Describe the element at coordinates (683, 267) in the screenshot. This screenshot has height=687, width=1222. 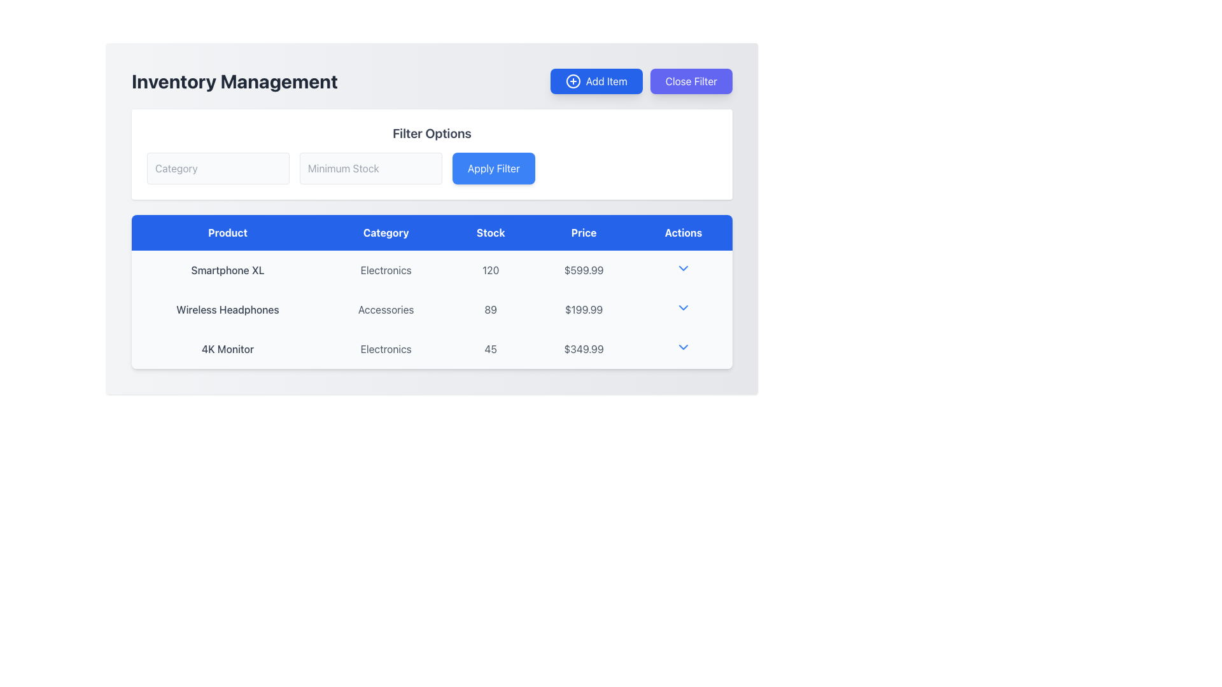
I see `the expandable menu trigger button located in the 'Actions' column of the first row for the 'Smartphone XL' product` at that location.